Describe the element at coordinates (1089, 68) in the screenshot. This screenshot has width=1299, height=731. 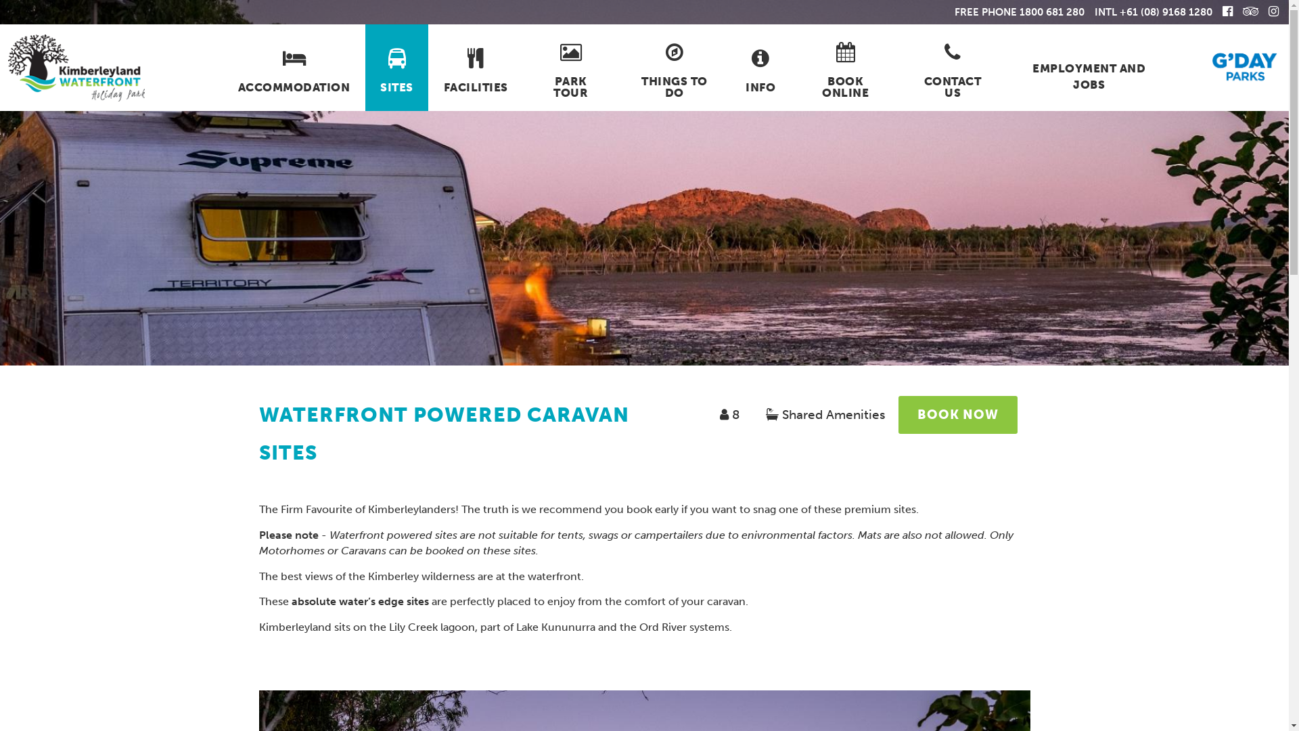
I see `'EMPLOYMENT AND JOBS'` at that location.